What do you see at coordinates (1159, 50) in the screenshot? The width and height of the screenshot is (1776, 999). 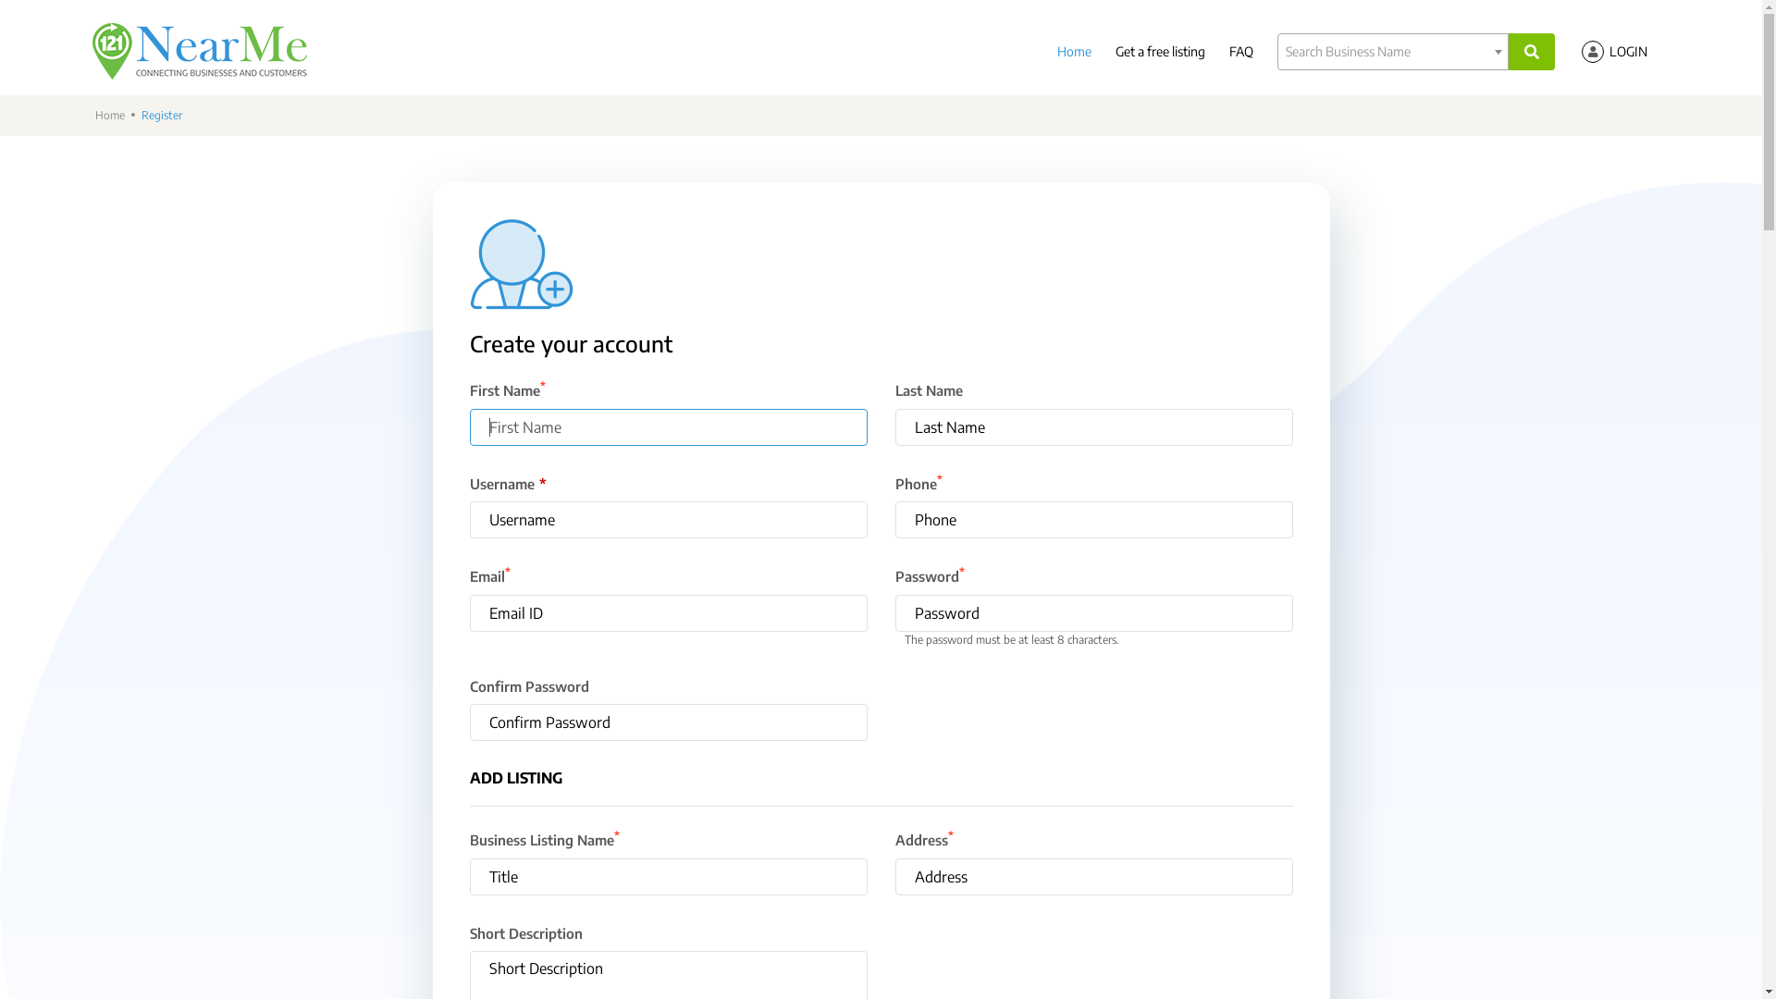 I see `'Get a free listing'` at bounding box center [1159, 50].